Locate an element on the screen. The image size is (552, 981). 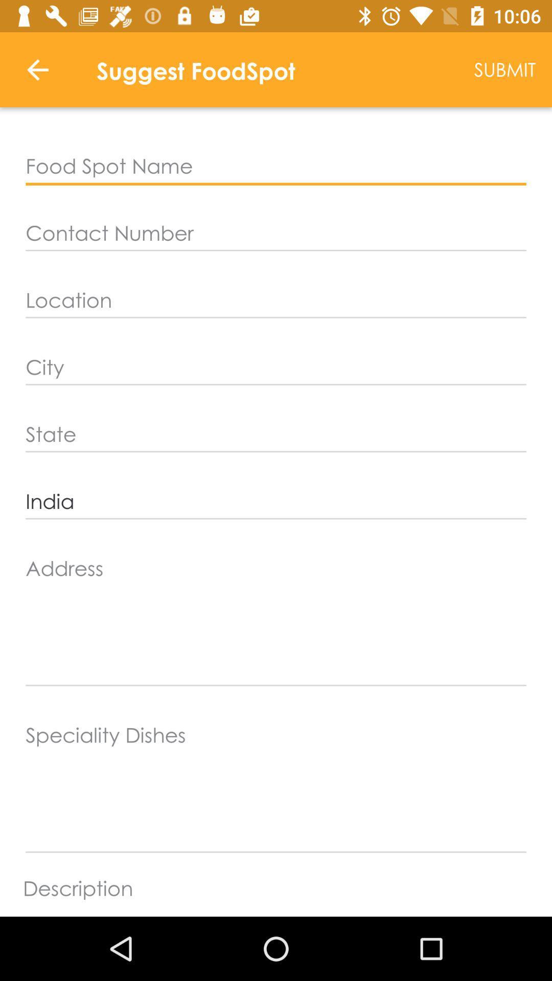
the item above the india item is located at coordinates (276, 434).